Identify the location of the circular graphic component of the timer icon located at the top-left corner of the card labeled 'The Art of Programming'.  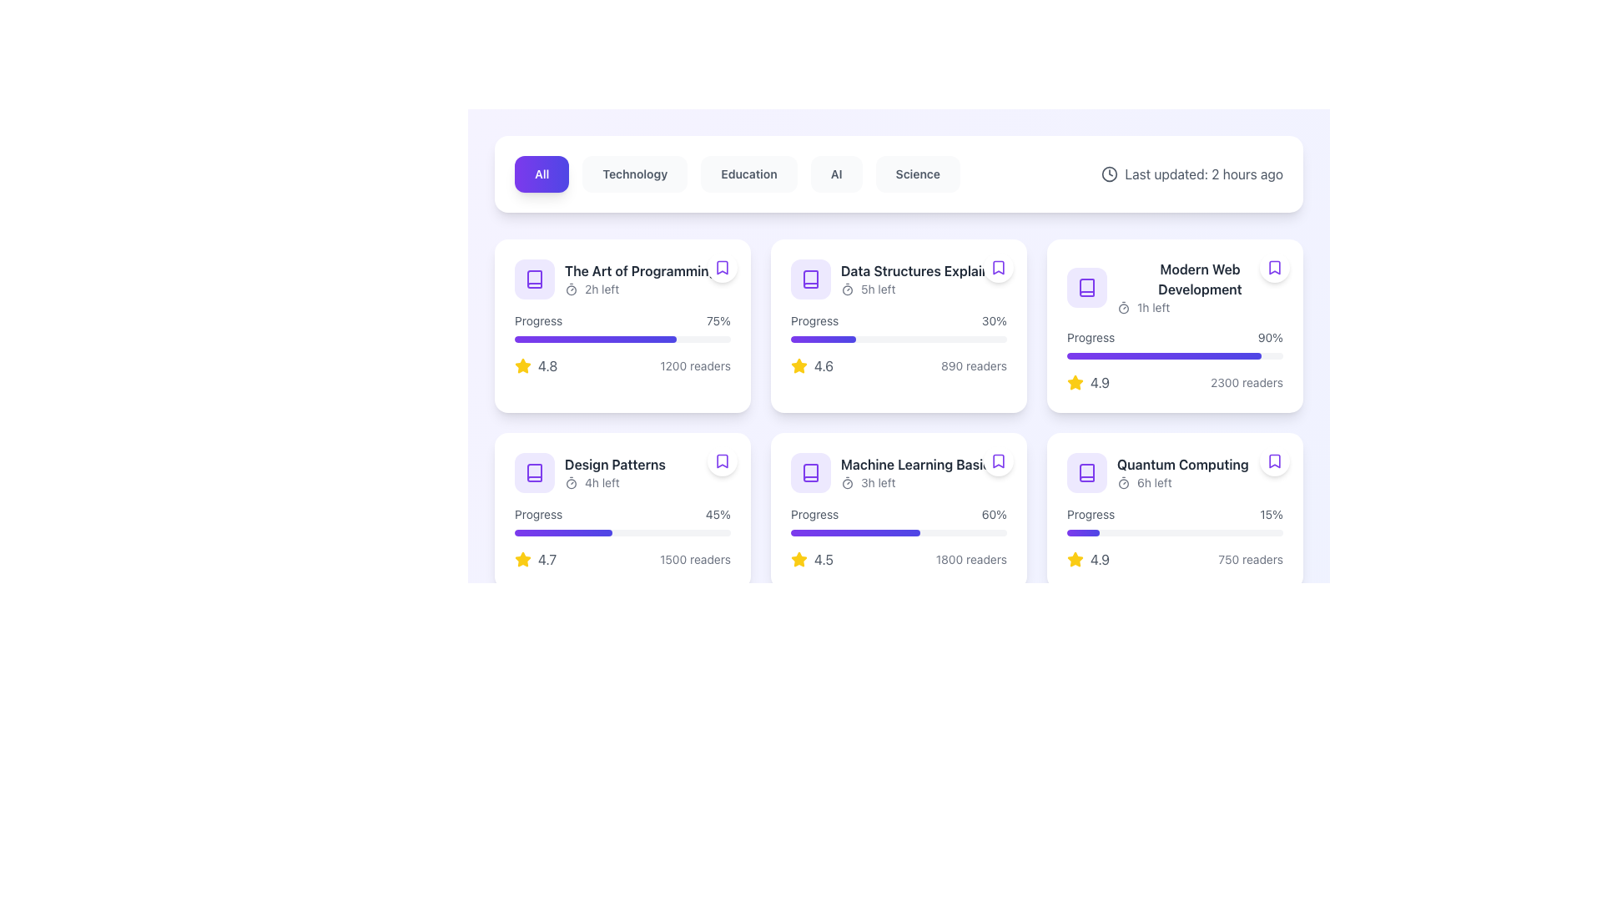
(572, 289).